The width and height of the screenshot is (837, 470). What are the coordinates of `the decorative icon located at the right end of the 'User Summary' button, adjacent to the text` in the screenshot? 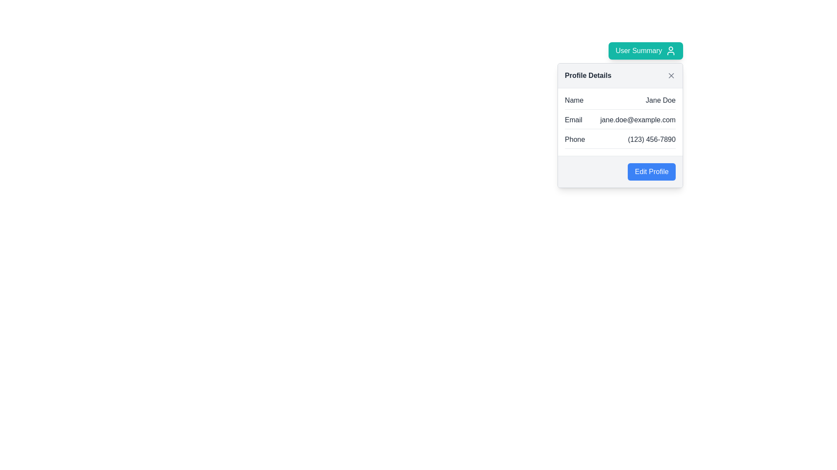 It's located at (670, 50).